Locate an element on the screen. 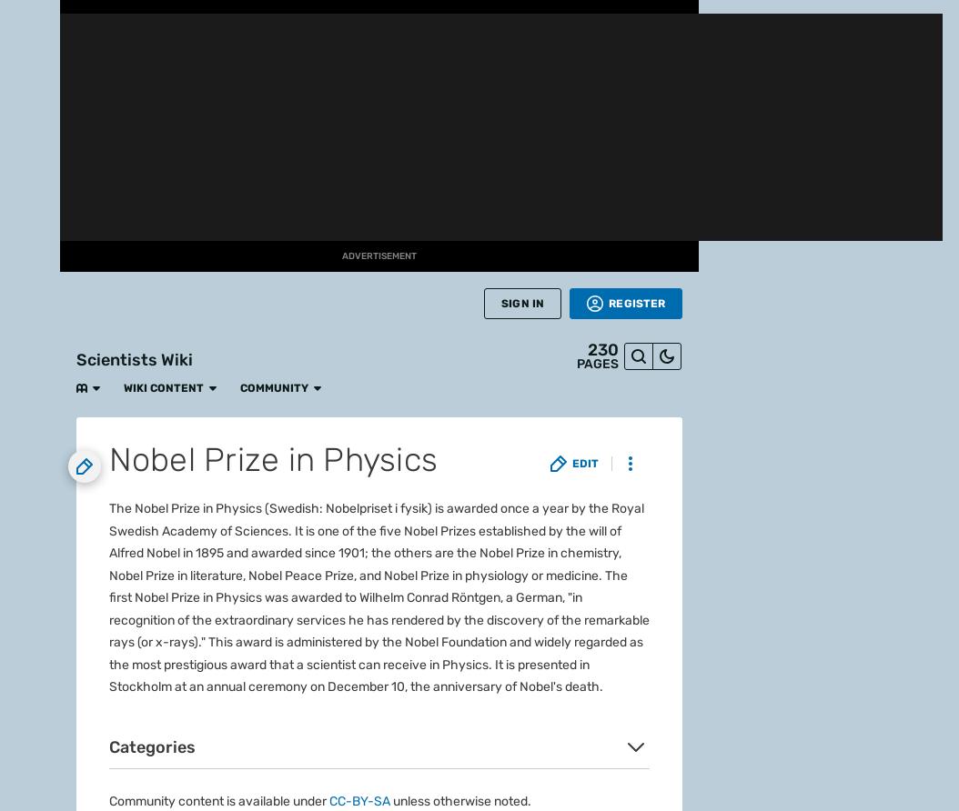 Image resolution: width=959 pixels, height=811 pixels. 'Local Sitemap' is located at coordinates (433, 421).